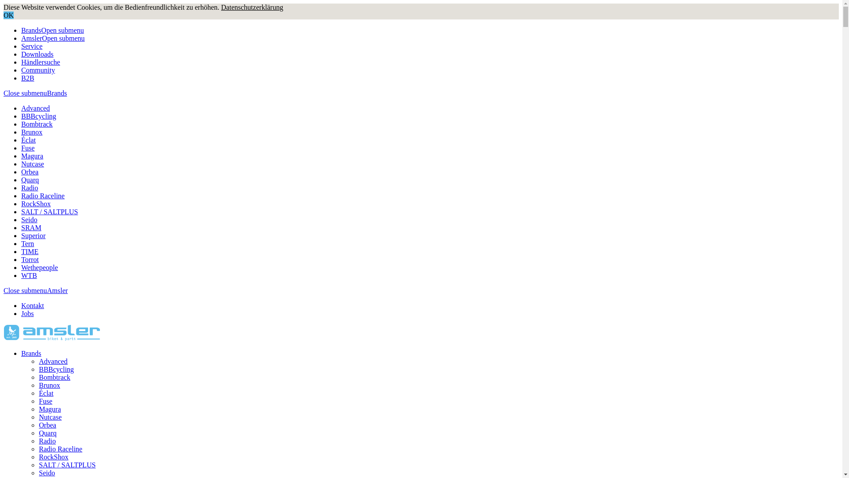 The height and width of the screenshot is (478, 849). I want to click on 'B2B', so click(27, 77).